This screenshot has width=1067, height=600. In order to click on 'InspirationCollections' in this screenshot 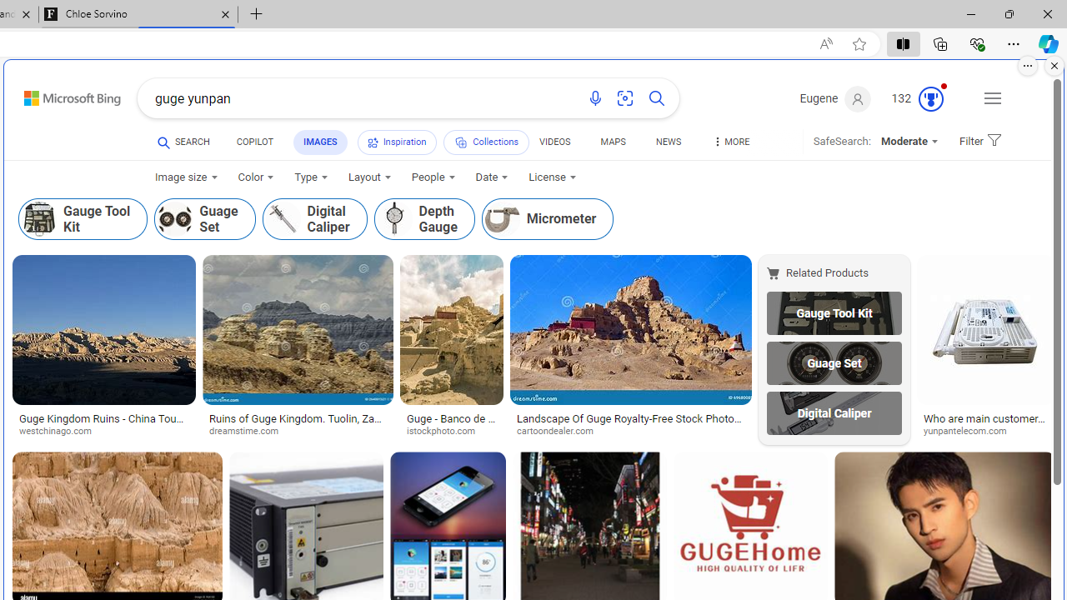, I will do `click(443, 143)`.